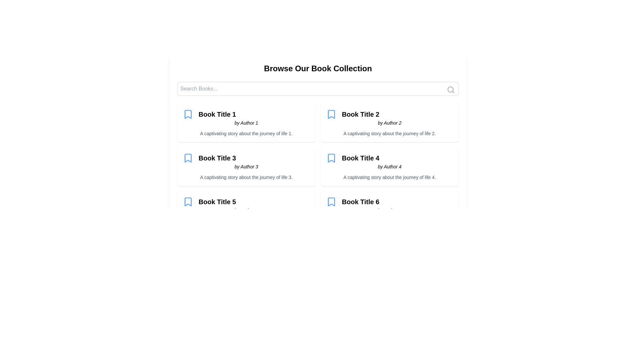  Describe the element at coordinates (450, 89) in the screenshot. I see `the central circular component of the magnifying glass icon located at the top-right of the search input box` at that location.